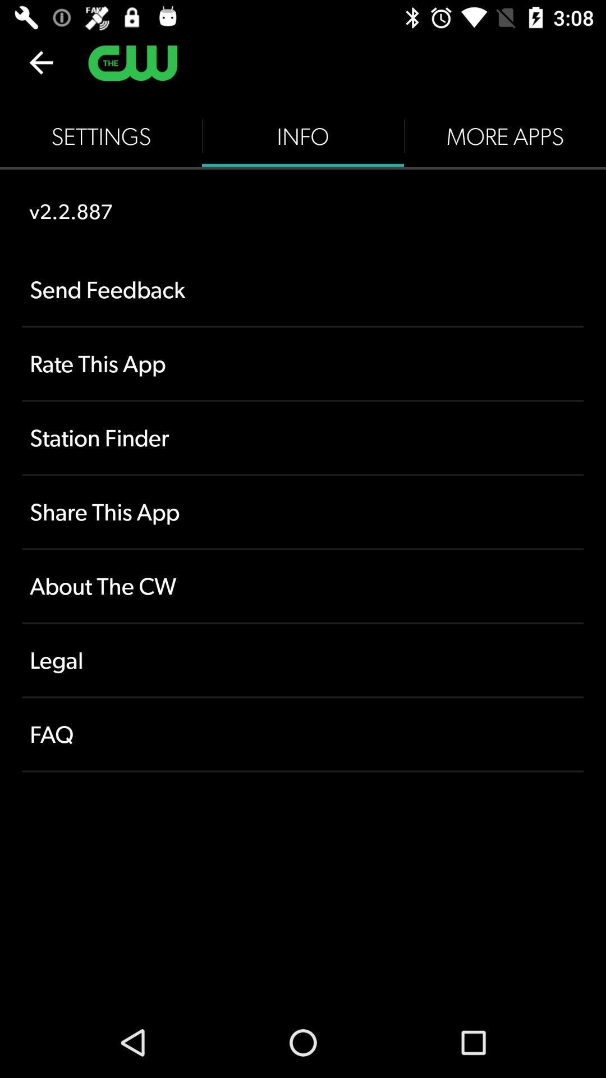  Describe the element at coordinates (504, 136) in the screenshot. I see `item at the top right corner` at that location.